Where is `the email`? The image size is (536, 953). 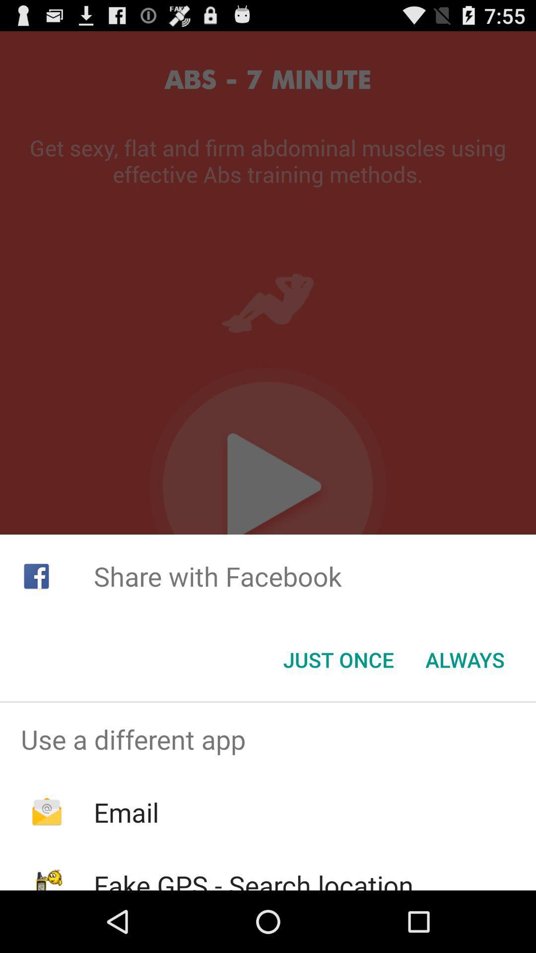
the email is located at coordinates (126, 812).